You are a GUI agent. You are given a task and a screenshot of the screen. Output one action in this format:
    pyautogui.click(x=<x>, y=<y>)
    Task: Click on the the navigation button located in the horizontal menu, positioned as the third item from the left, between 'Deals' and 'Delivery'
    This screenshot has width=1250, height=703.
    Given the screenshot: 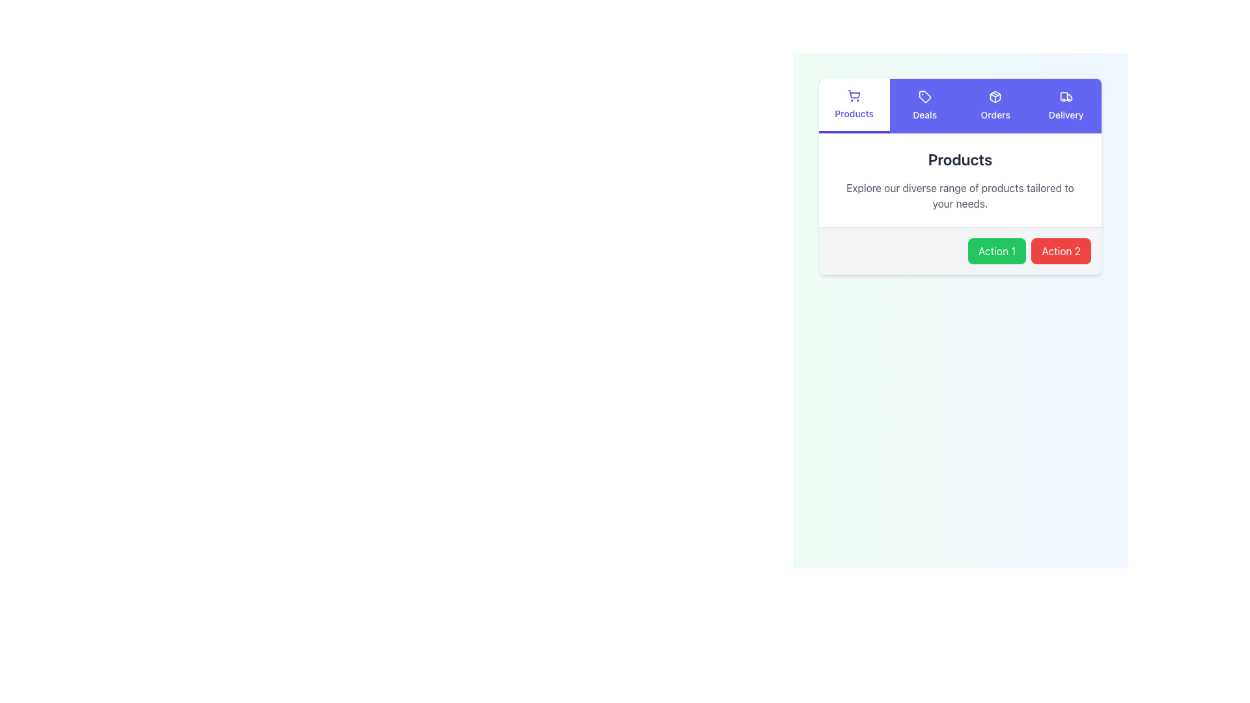 What is the action you would take?
    pyautogui.click(x=995, y=105)
    